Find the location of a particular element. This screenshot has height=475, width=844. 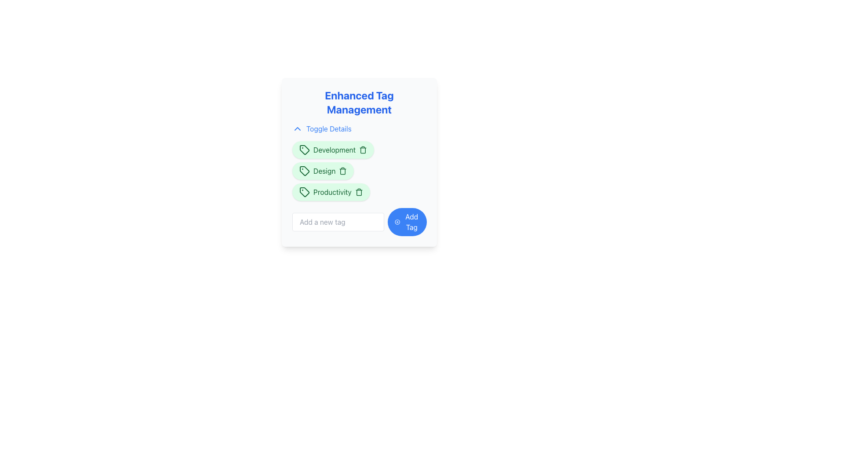

the greenish tag component labeled 'Design' with adjacent icons is located at coordinates (323, 171).